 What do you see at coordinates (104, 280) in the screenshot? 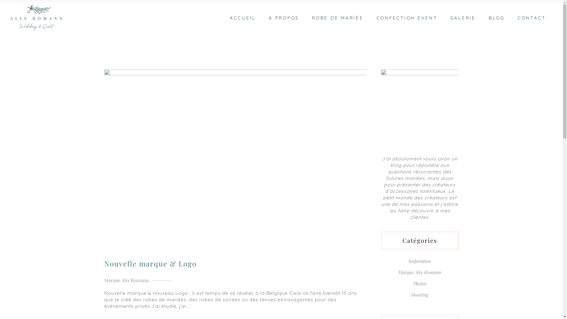
I see `'Marque Alix Romann'` at bounding box center [104, 280].